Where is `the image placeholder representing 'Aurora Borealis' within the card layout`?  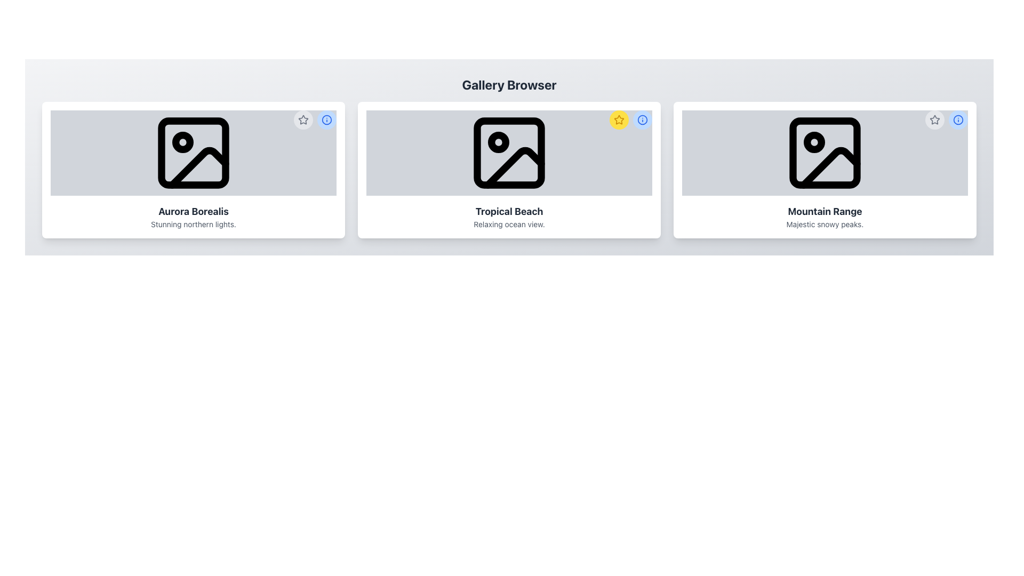 the image placeholder representing 'Aurora Borealis' within the card layout is located at coordinates (194, 153).